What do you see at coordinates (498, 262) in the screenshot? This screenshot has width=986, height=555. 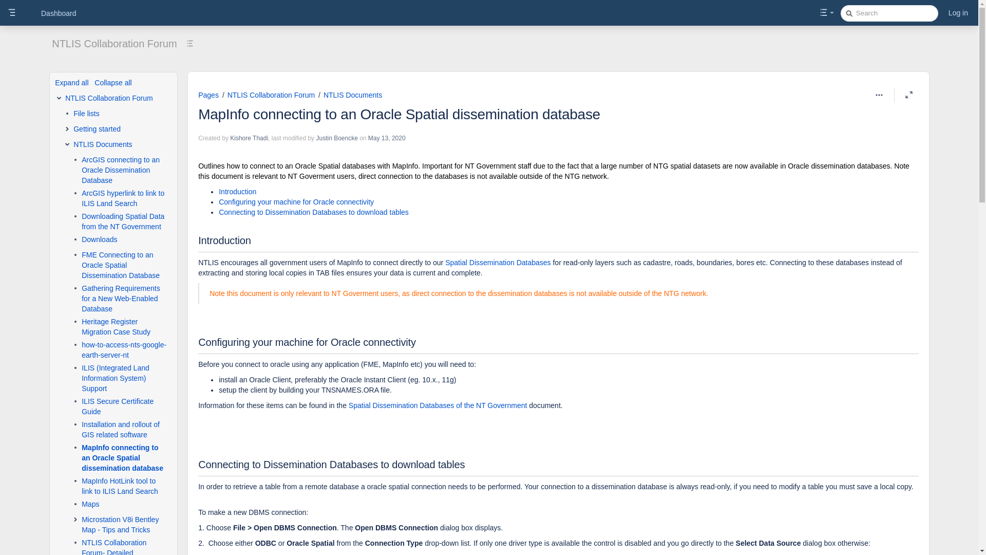 I see `'Spatial Dissemination Databases'` at bounding box center [498, 262].